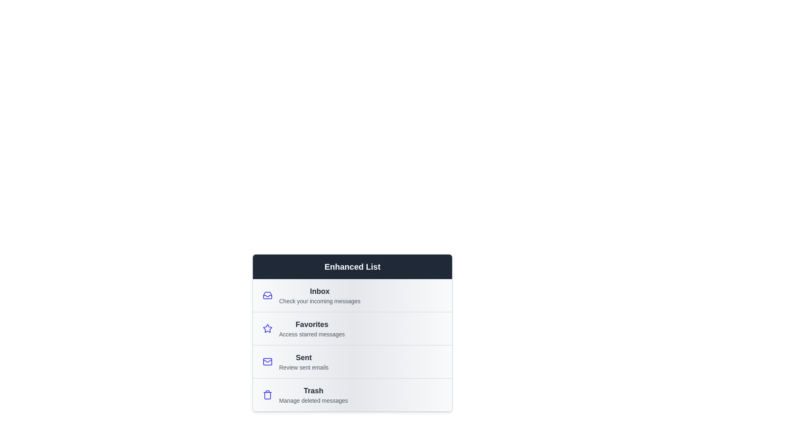  What do you see at coordinates (267, 360) in the screenshot?
I see `the envelope icon represented by a blue line, located in the uppermost row near the 'Inbox' label` at bounding box center [267, 360].